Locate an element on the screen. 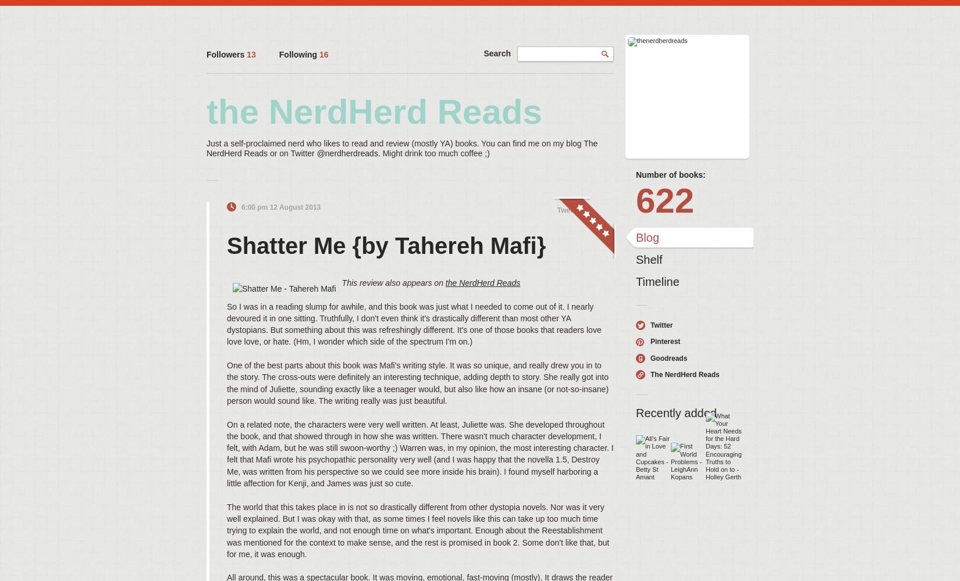 The width and height of the screenshot is (960, 581). 'Goodreads' is located at coordinates (669, 357).